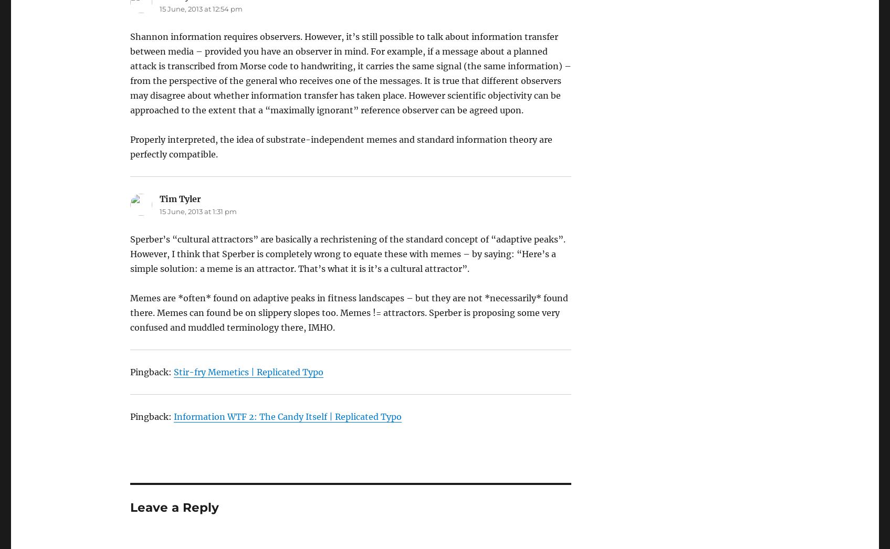 This screenshot has width=890, height=549. I want to click on 'Leave a Reply', so click(173, 507).